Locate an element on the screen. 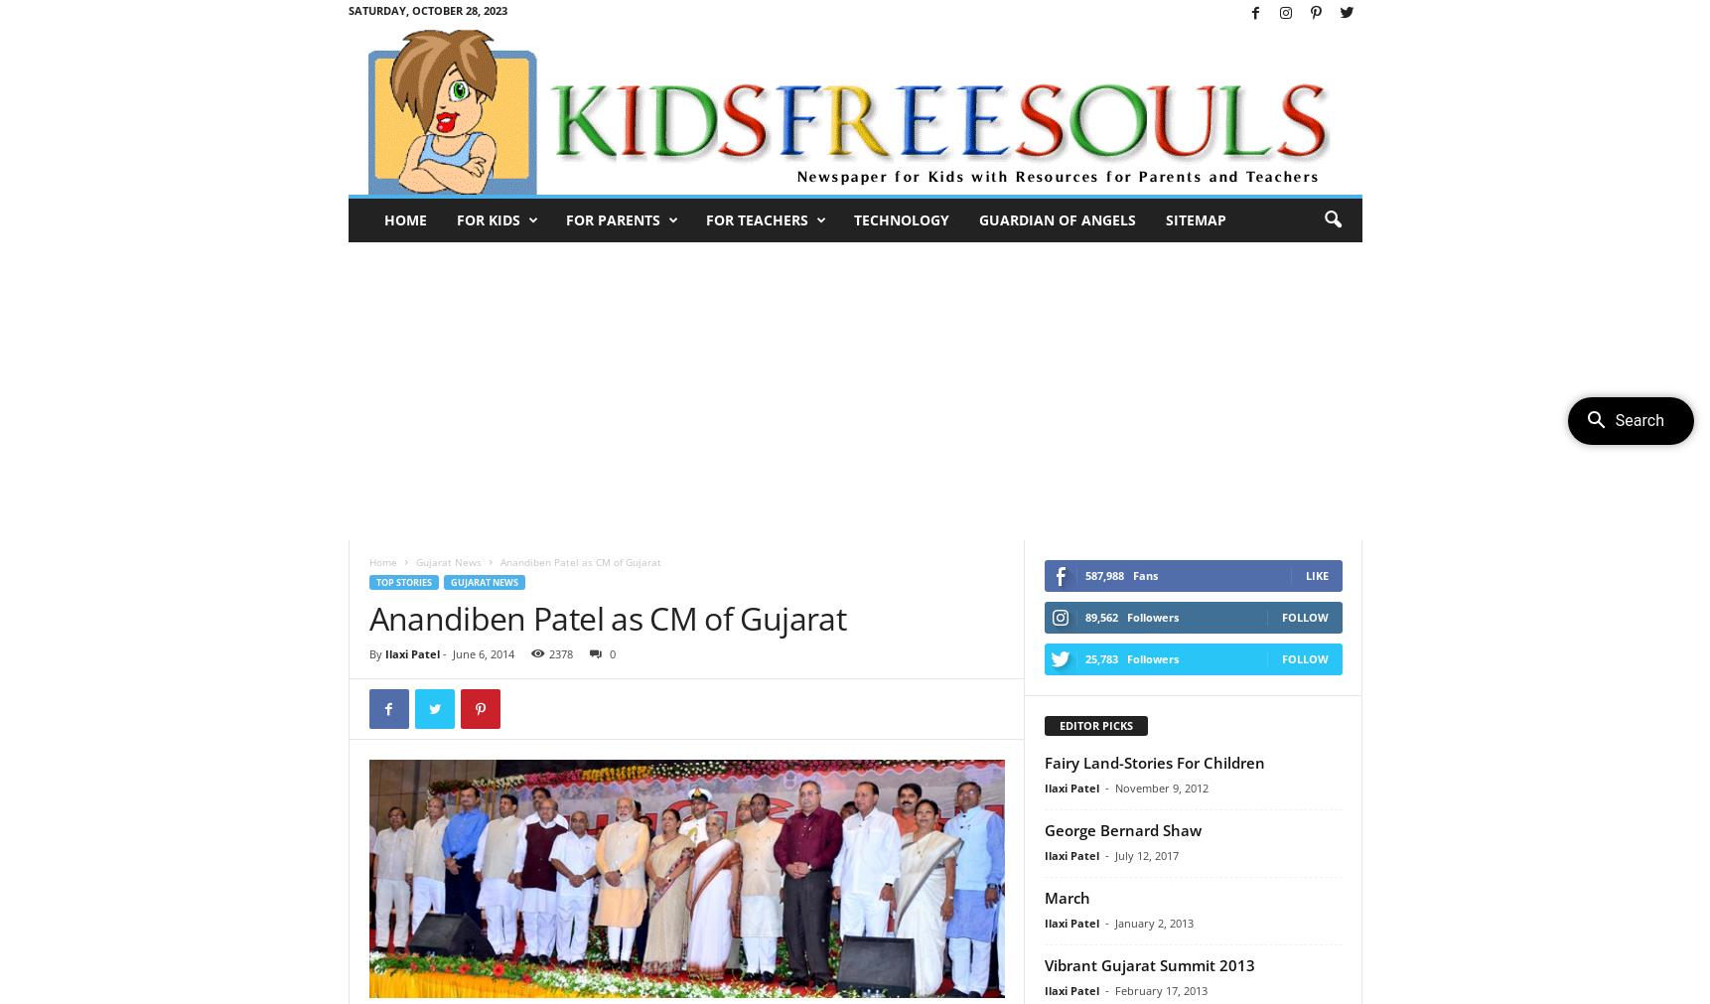 This screenshot has width=1710, height=1004. 'Fans' is located at coordinates (1144, 575).